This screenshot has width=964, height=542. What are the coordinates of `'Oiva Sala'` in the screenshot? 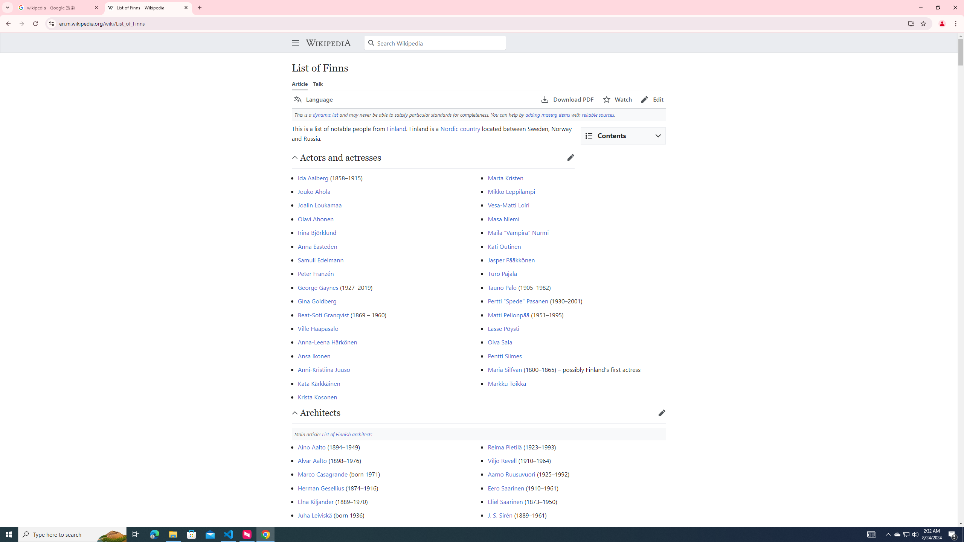 It's located at (500, 342).